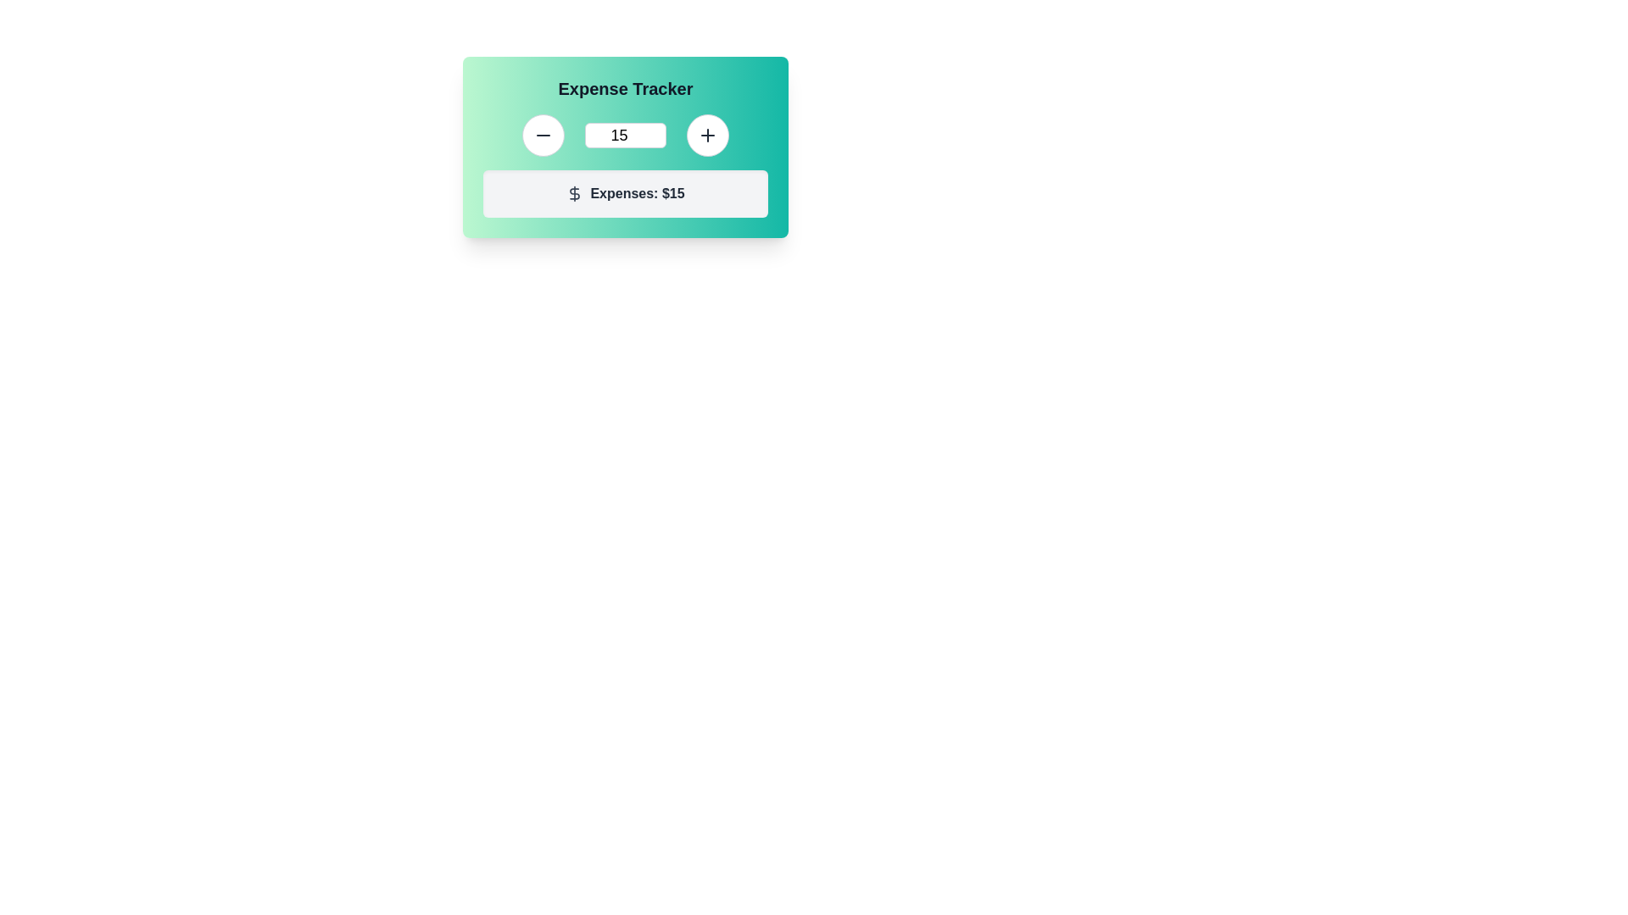 The height and width of the screenshot is (915, 1628). Describe the element at coordinates (575, 192) in the screenshot. I see `the dollar sign icon located to the left of the text 'Expenses: $15' within the light gray box below the 'Expense Tracker' header` at that location.